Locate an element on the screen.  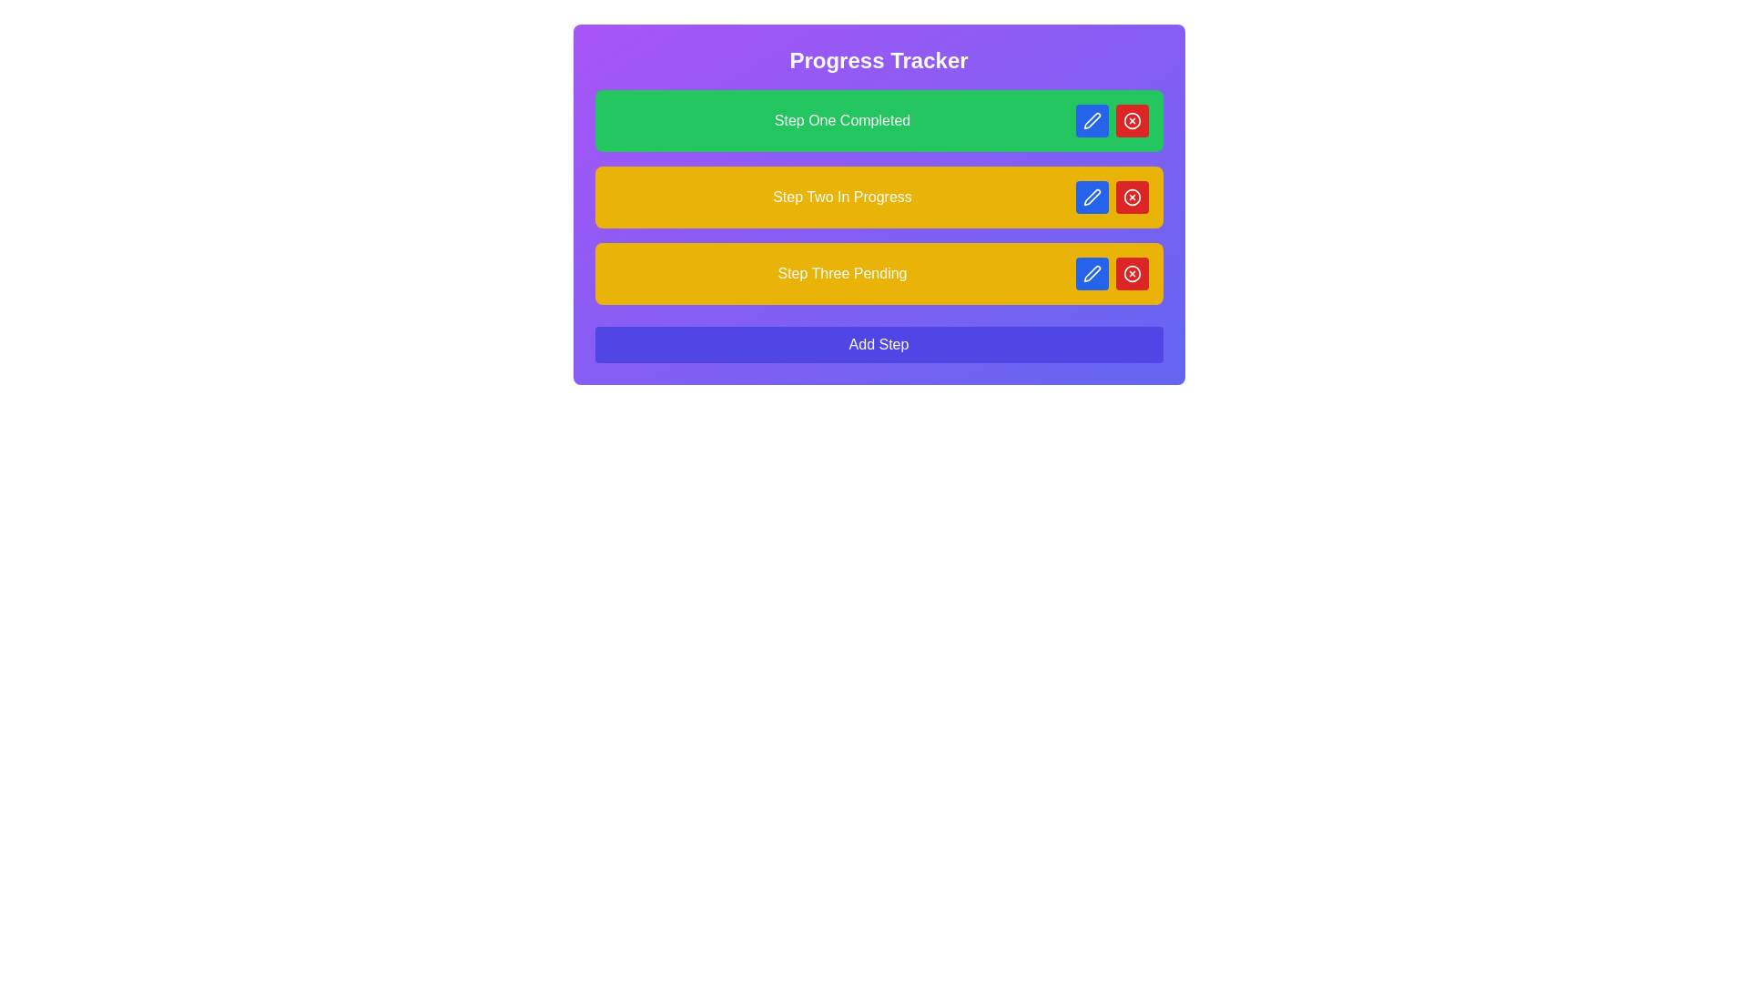
the button located at the bottom of the progress tracker interface, which allows the user to add a new step is located at coordinates (879, 344).